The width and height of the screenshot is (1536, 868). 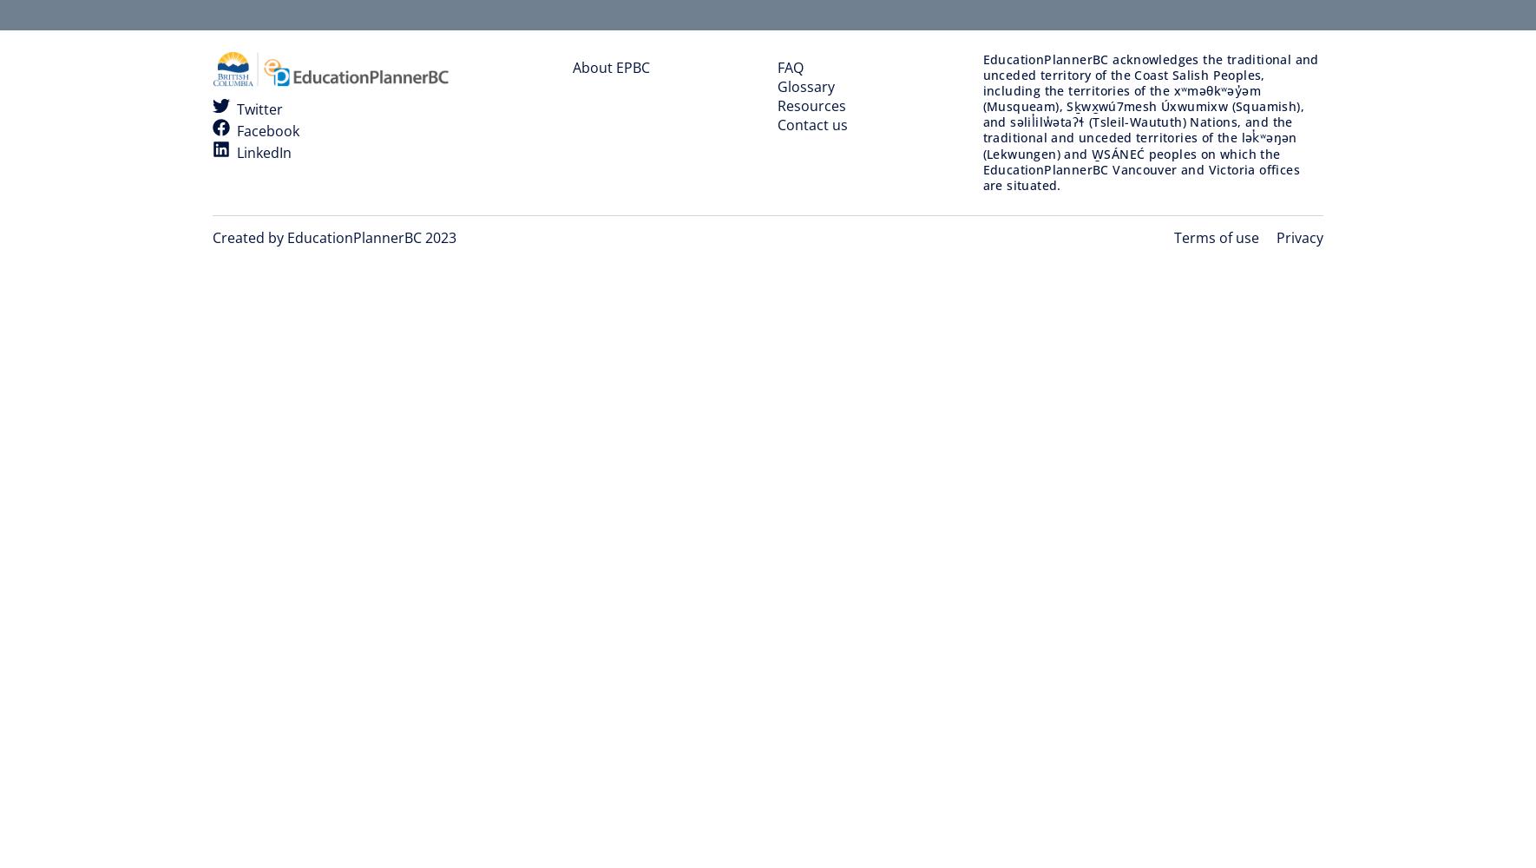 I want to click on 'Twitter', so click(x=259, y=108).